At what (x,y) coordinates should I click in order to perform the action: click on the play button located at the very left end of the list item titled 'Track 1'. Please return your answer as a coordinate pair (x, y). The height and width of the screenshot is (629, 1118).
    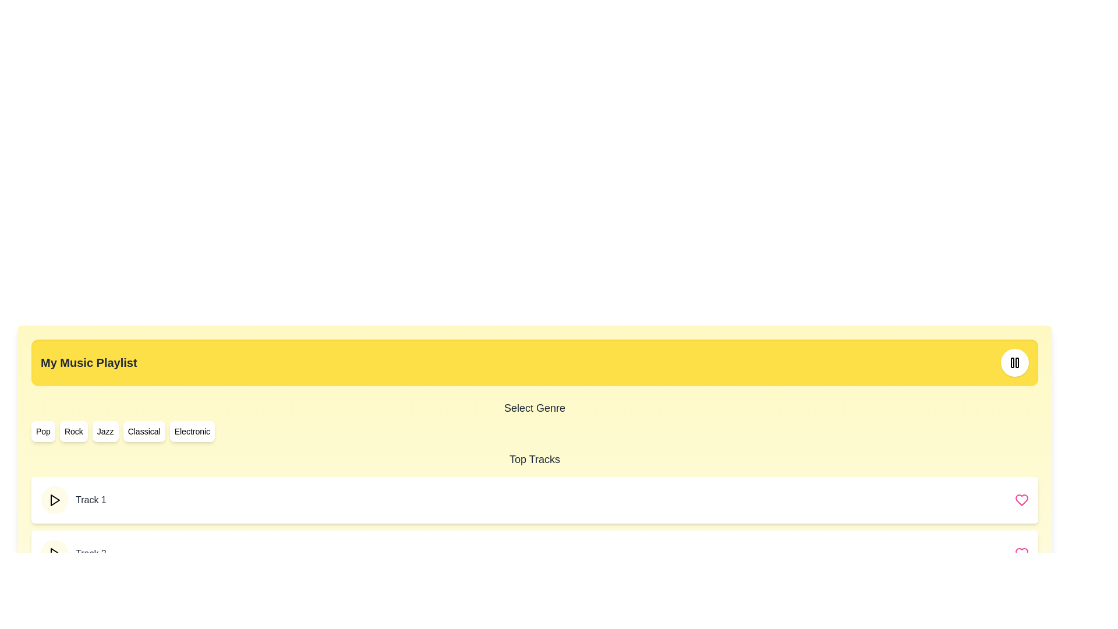
    Looking at the image, I should click on (54, 500).